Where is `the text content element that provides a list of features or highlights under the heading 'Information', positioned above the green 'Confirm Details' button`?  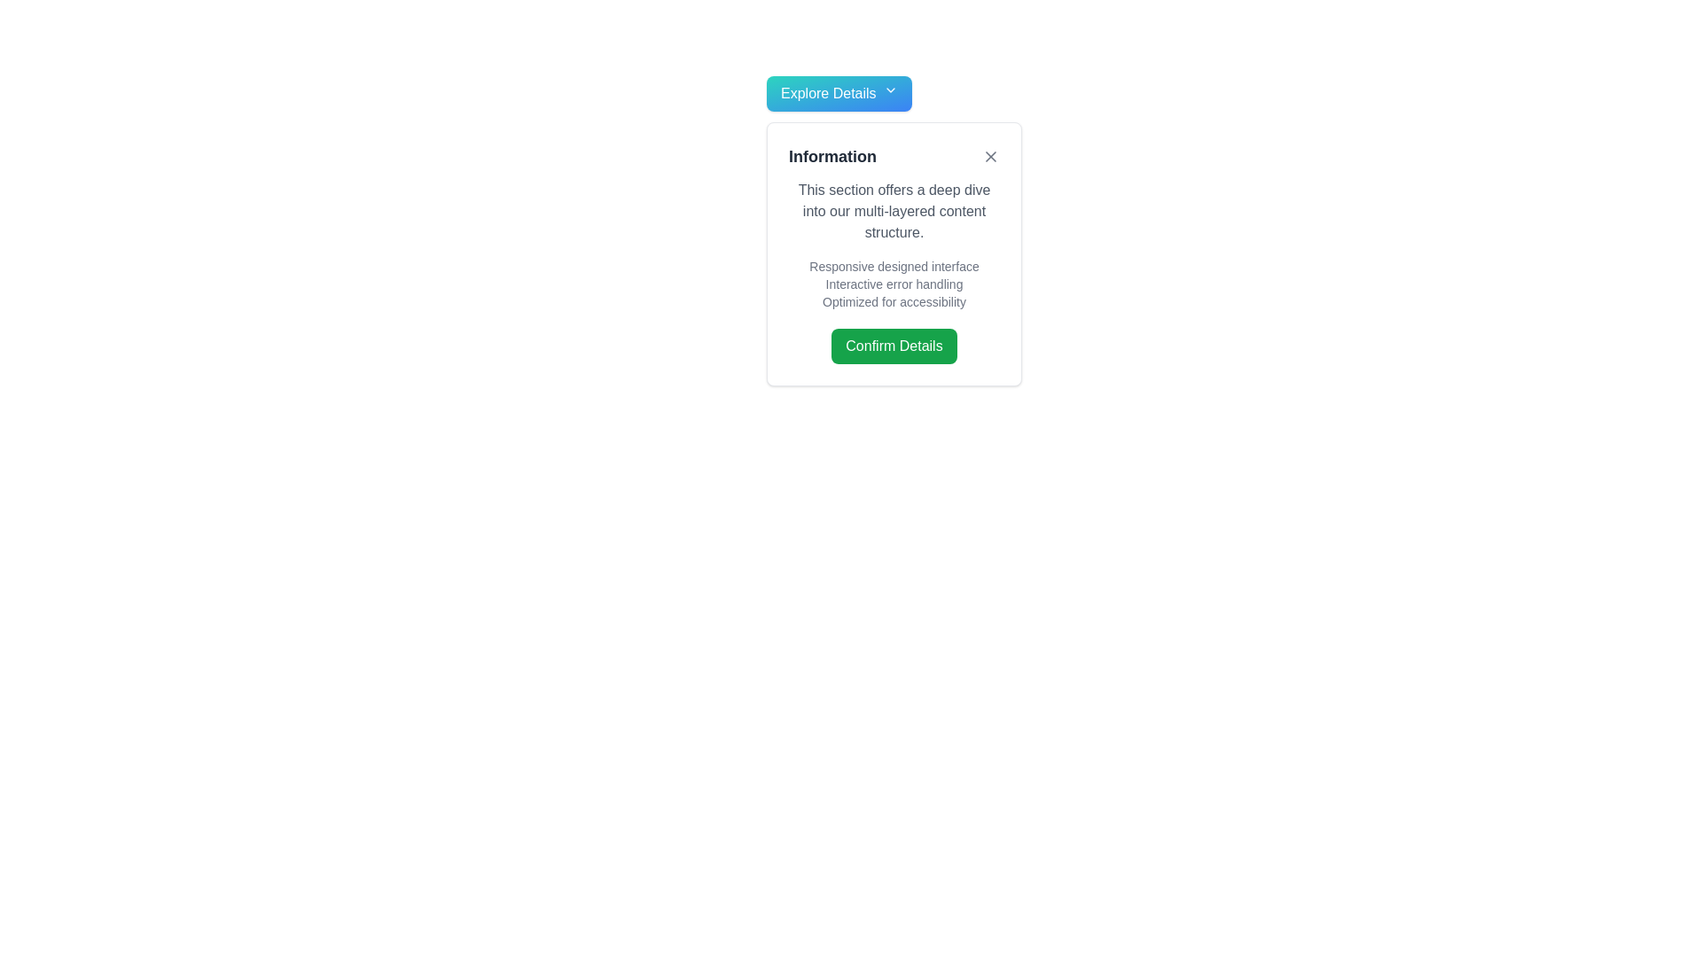 the text content element that provides a list of features or highlights under the heading 'Information', positioned above the green 'Confirm Details' button is located at coordinates (894, 283).